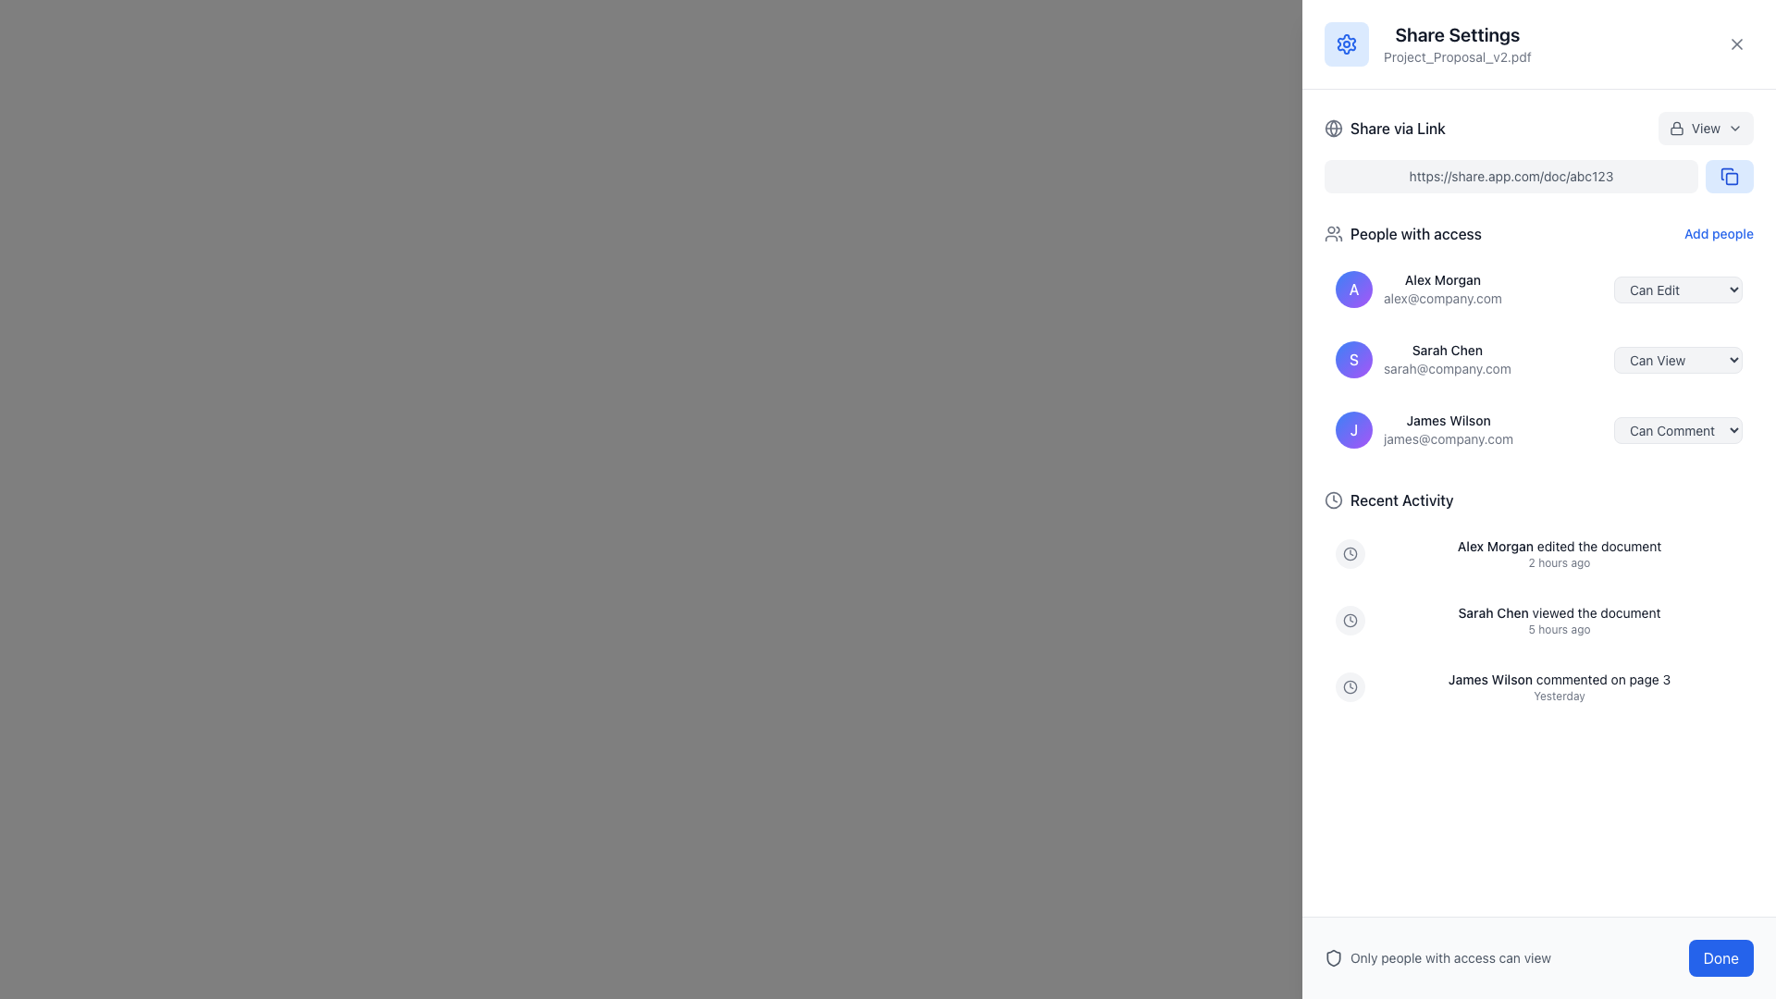 The height and width of the screenshot is (999, 1776). What do you see at coordinates (1350, 552) in the screenshot?
I see `the SVG-based clock icon representing a timestamp in the Recent Activity section of the Share Settings panel, located immediately to the left of the activity descriptions` at bounding box center [1350, 552].